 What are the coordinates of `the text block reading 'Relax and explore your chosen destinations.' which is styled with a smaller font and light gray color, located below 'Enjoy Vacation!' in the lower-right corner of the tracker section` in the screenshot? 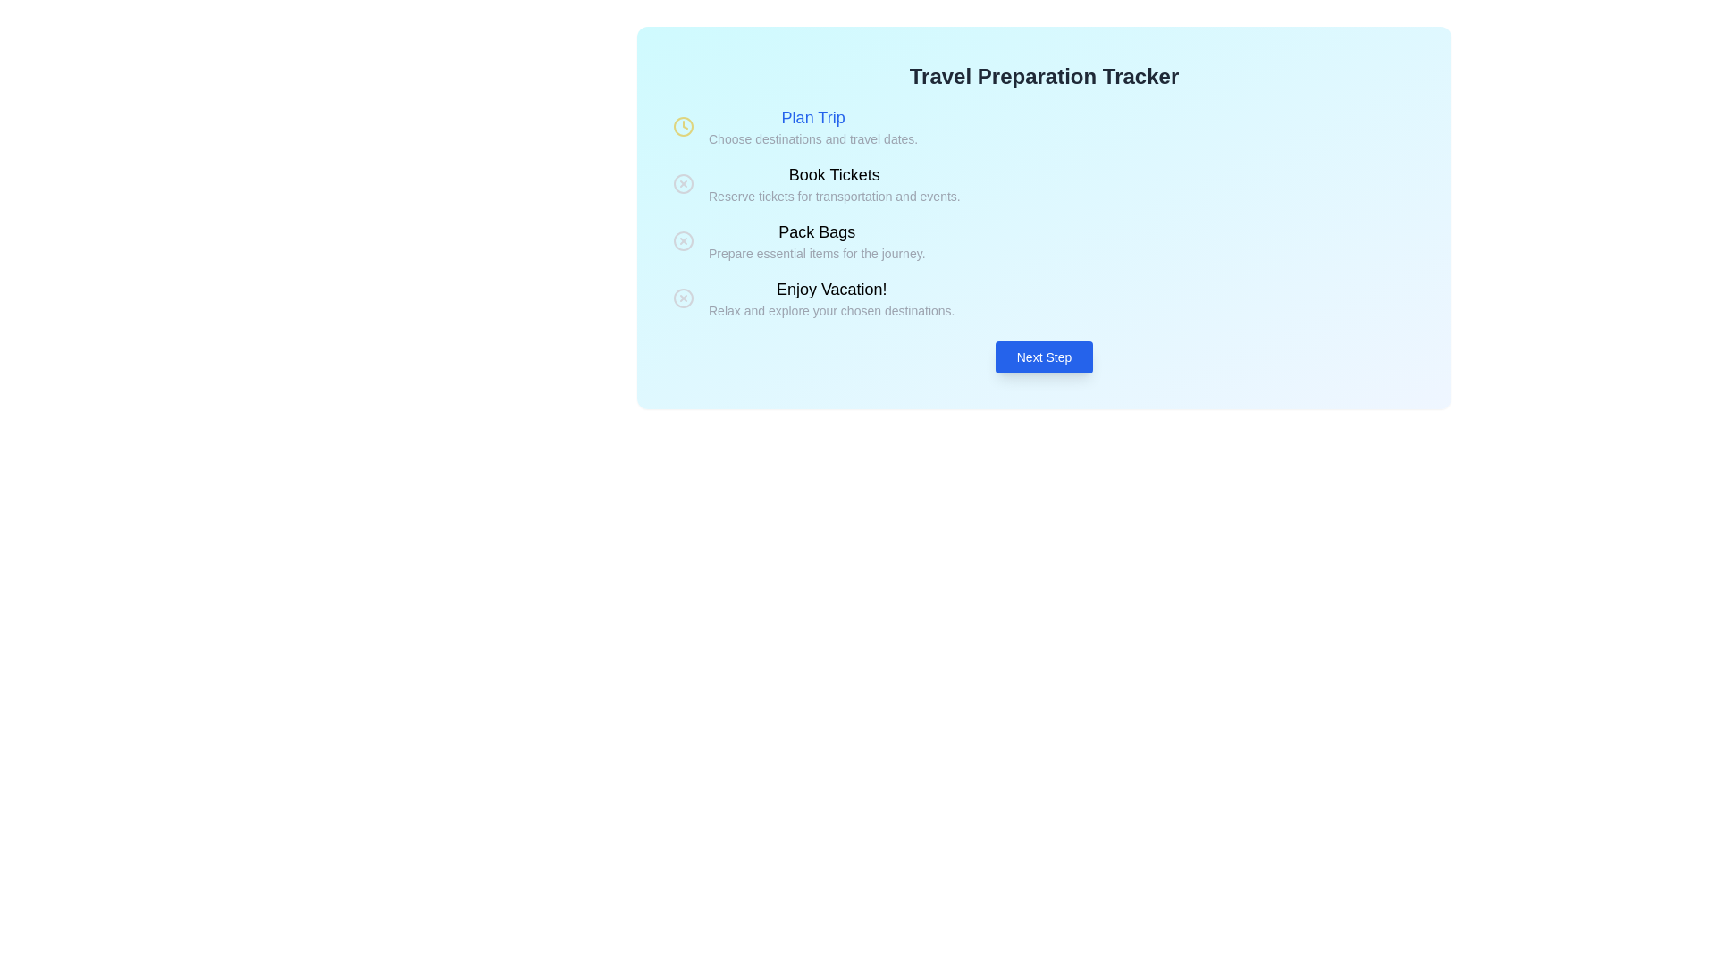 It's located at (830, 309).